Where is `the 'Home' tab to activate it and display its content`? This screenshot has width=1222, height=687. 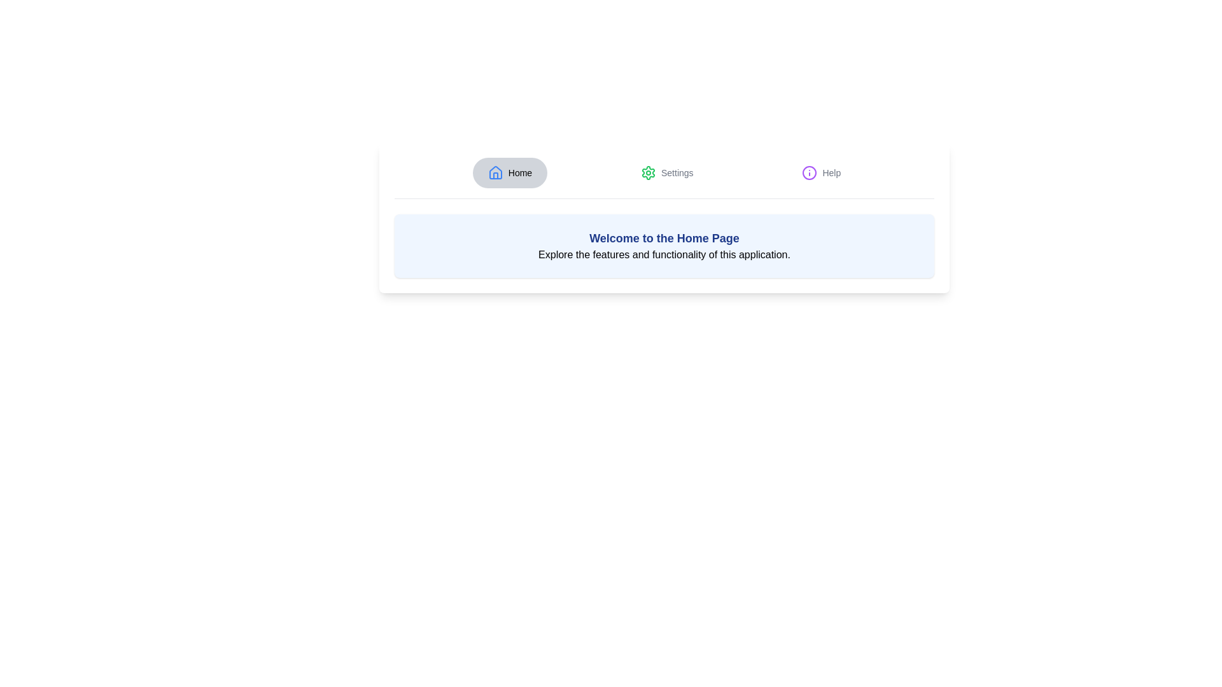
the 'Home' tab to activate it and display its content is located at coordinates (510, 173).